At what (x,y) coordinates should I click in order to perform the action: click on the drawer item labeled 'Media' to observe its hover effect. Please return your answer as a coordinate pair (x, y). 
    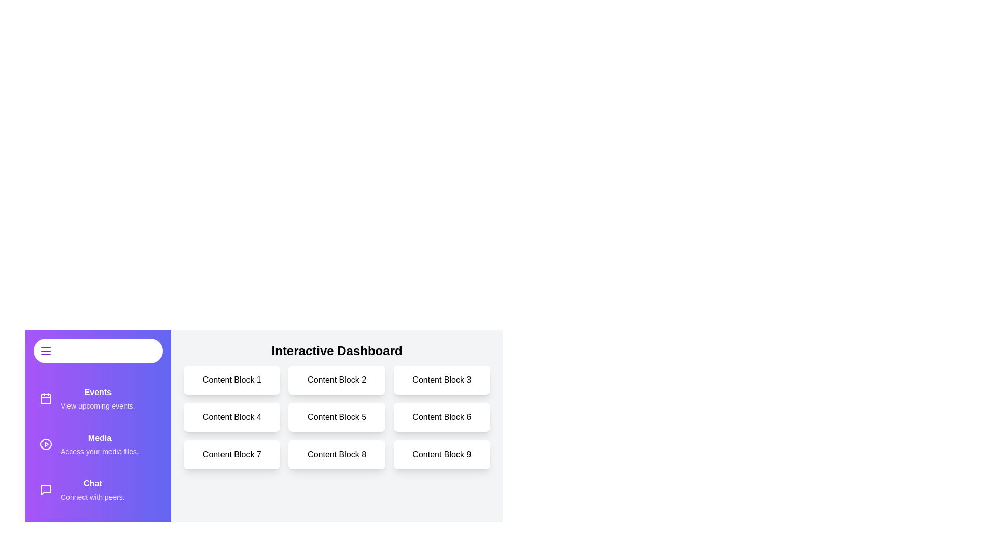
    Looking at the image, I should click on (98, 443).